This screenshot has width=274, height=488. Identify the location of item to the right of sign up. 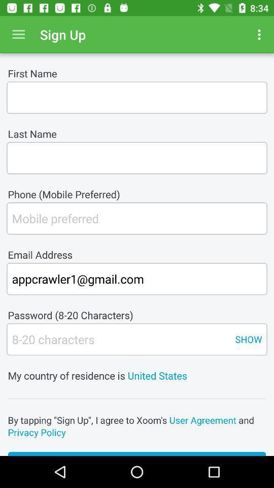
(260, 35).